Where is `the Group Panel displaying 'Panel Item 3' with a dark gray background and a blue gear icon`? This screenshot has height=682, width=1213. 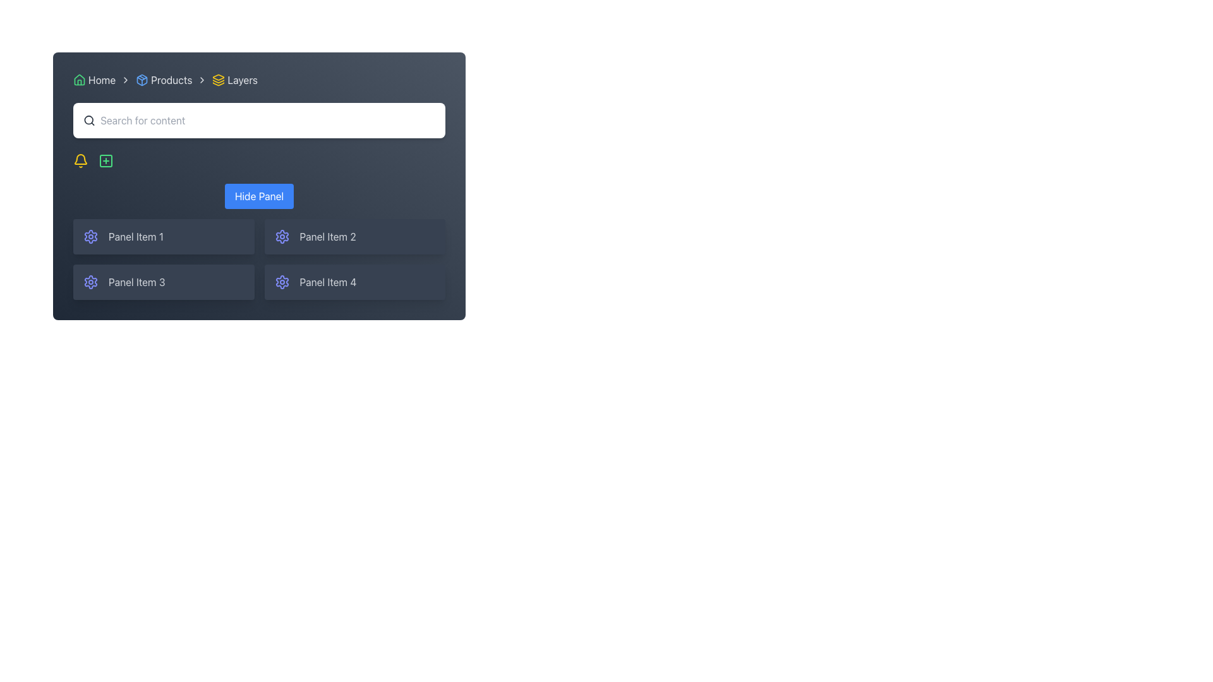 the Group Panel displaying 'Panel Item 3' with a dark gray background and a blue gear icon is located at coordinates (163, 282).